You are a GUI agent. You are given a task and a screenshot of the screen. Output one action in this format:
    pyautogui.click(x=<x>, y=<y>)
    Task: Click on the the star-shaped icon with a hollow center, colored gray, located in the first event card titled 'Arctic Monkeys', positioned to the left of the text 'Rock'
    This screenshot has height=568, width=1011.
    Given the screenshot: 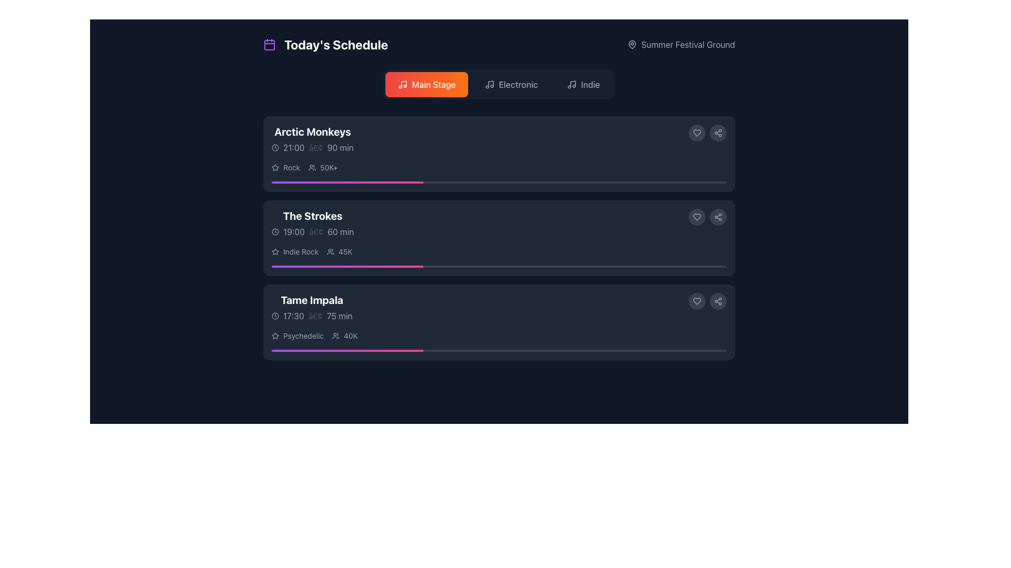 What is the action you would take?
    pyautogui.click(x=275, y=167)
    